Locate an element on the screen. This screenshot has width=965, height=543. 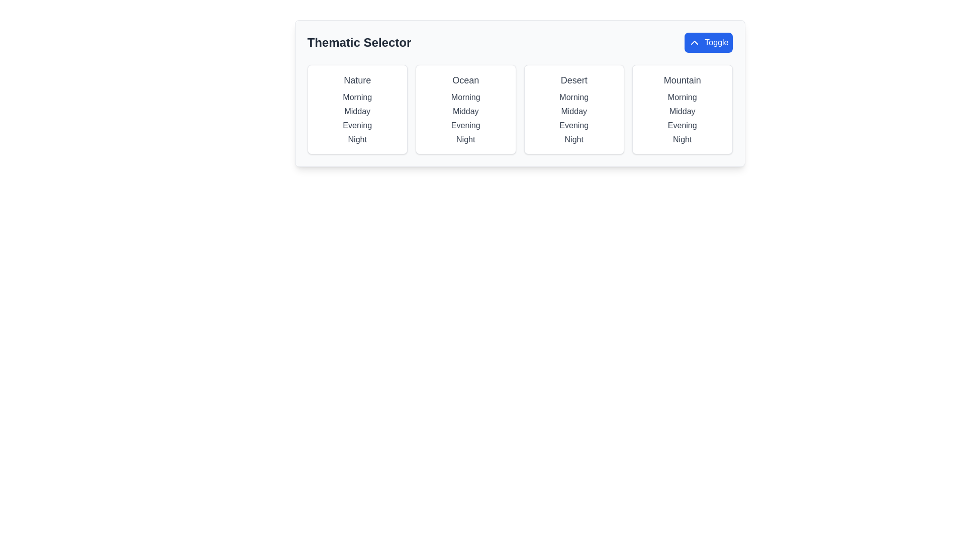
the associated card is located at coordinates (574, 79).